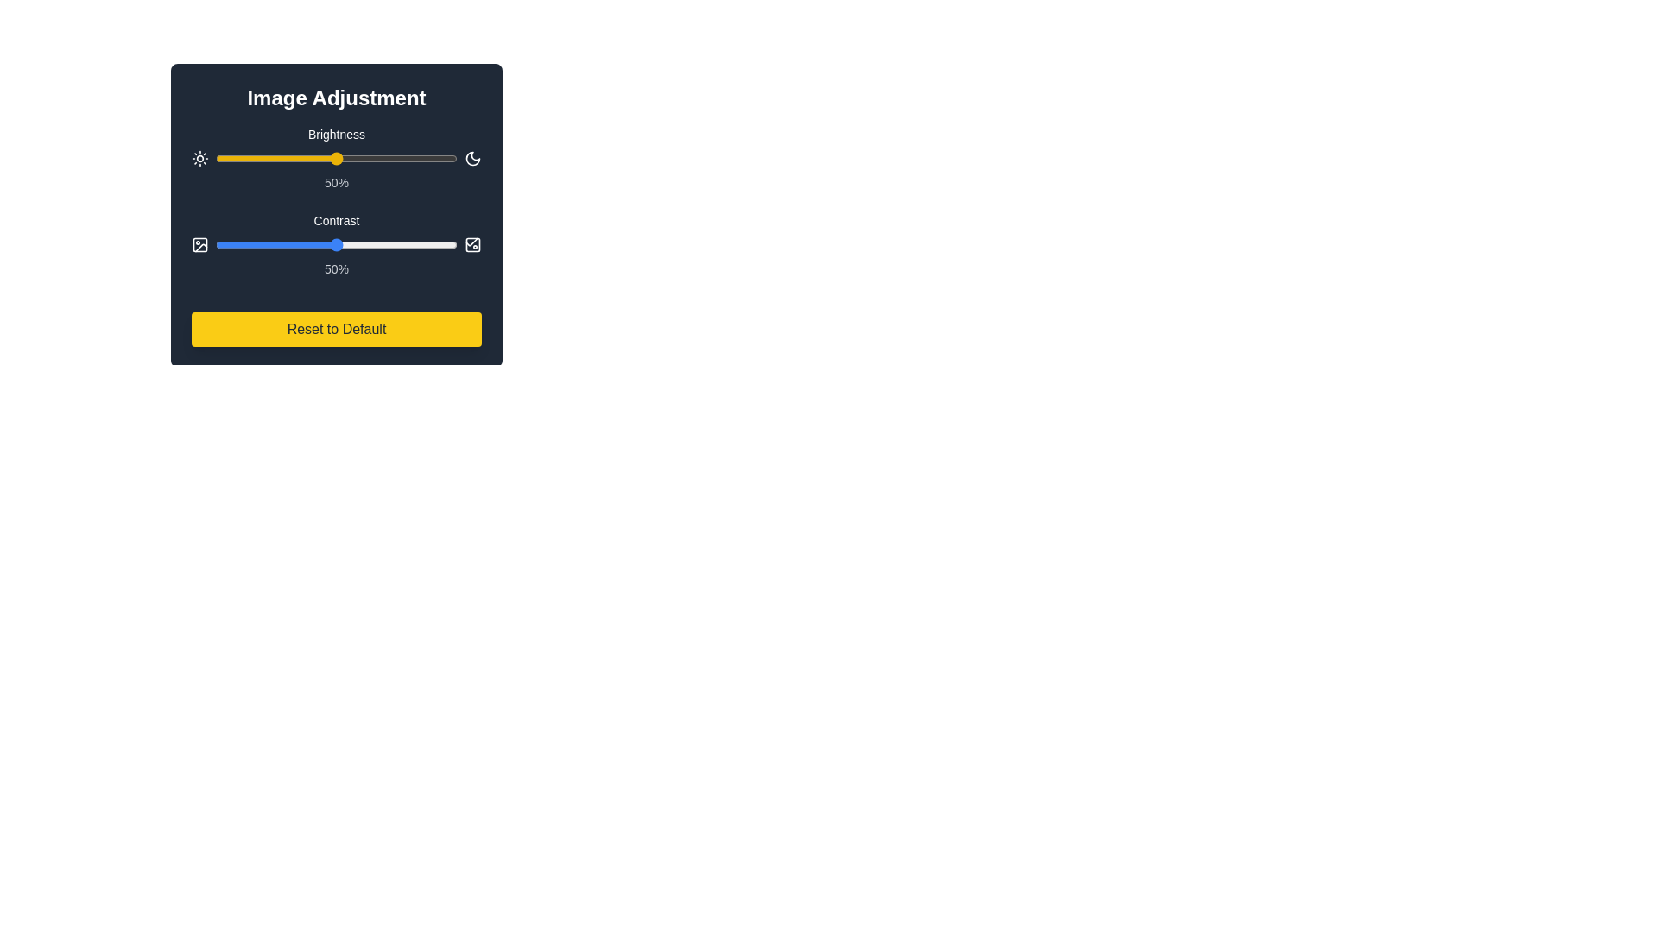 Image resolution: width=1658 pixels, height=932 pixels. I want to click on brightness, so click(341, 159).